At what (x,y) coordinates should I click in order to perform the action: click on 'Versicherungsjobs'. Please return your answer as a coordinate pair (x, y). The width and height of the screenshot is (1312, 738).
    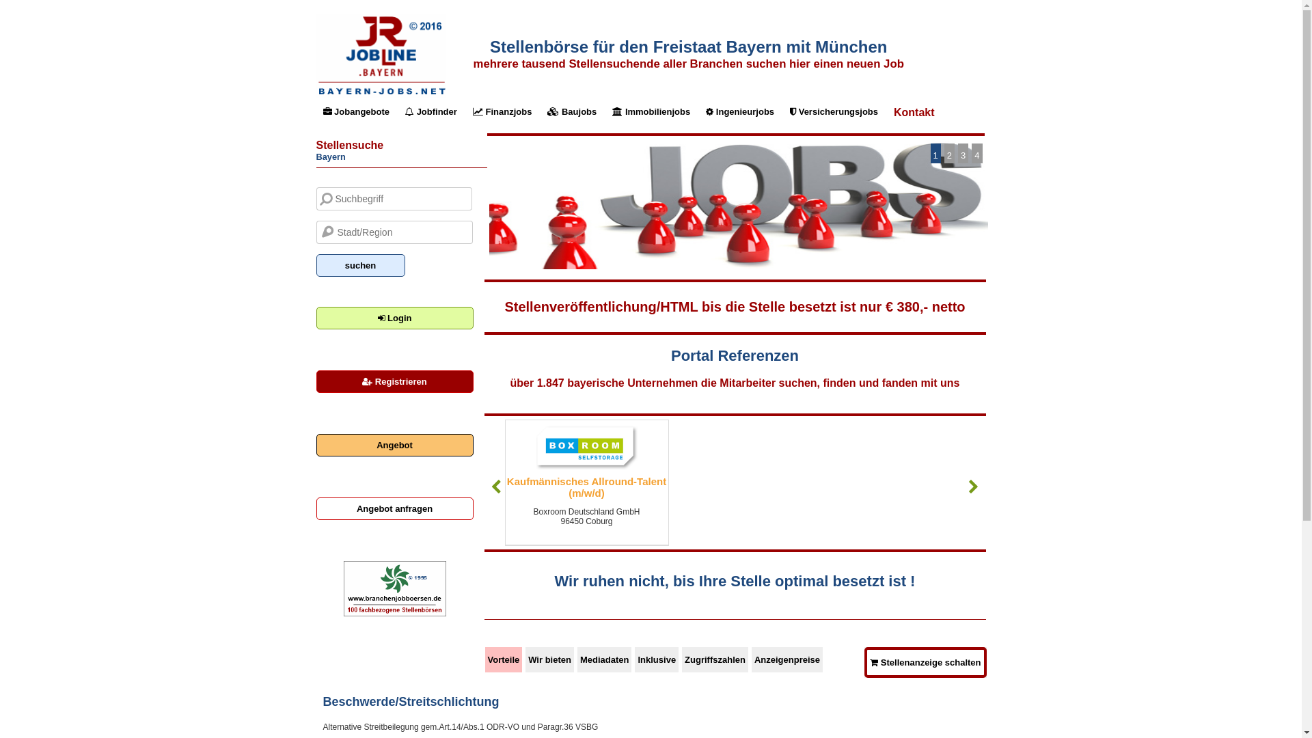
    Looking at the image, I should click on (835, 111).